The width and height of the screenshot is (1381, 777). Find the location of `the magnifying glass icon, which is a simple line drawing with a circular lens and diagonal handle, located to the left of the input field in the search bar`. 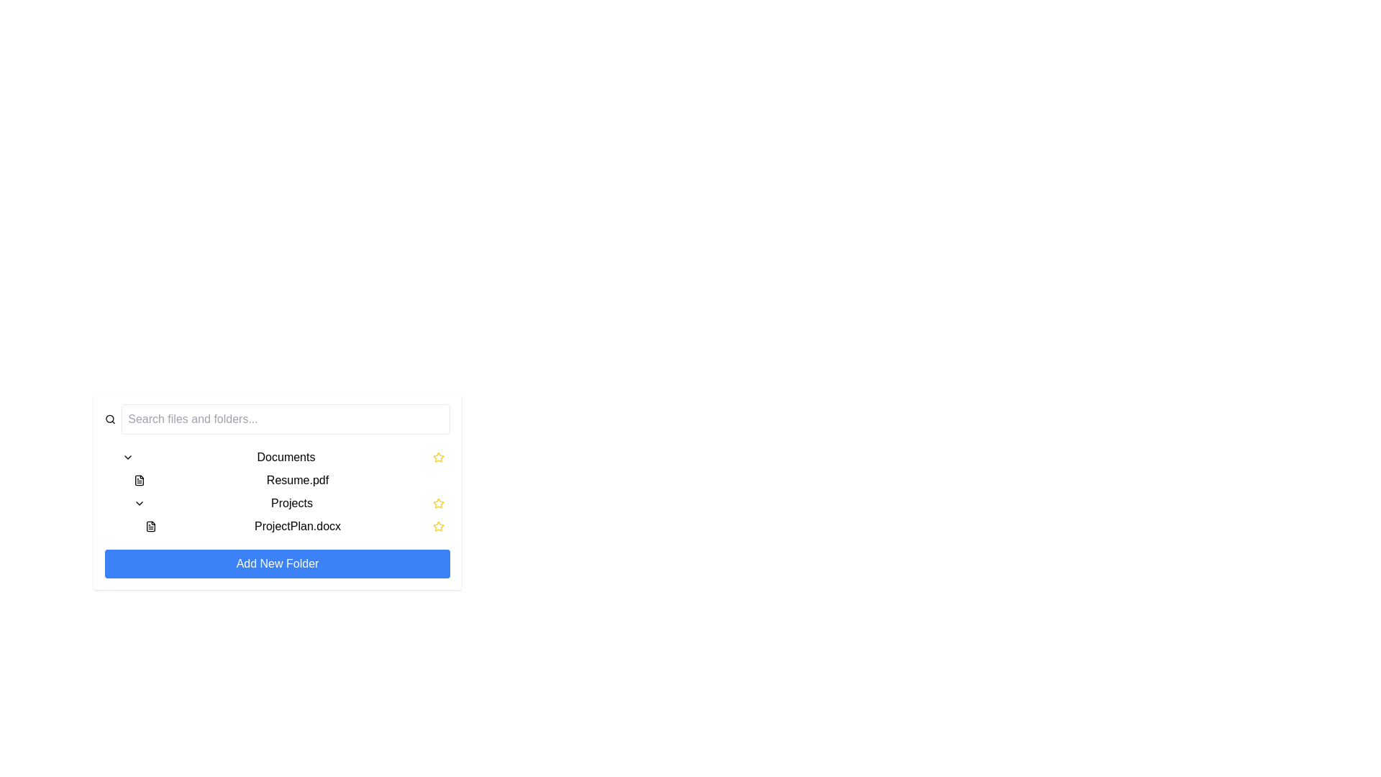

the magnifying glass icon, which is a simple line drawing with a circular lens and diagonal handle, located to the left of the input field in the search bar is located at coordinates (109, 419).